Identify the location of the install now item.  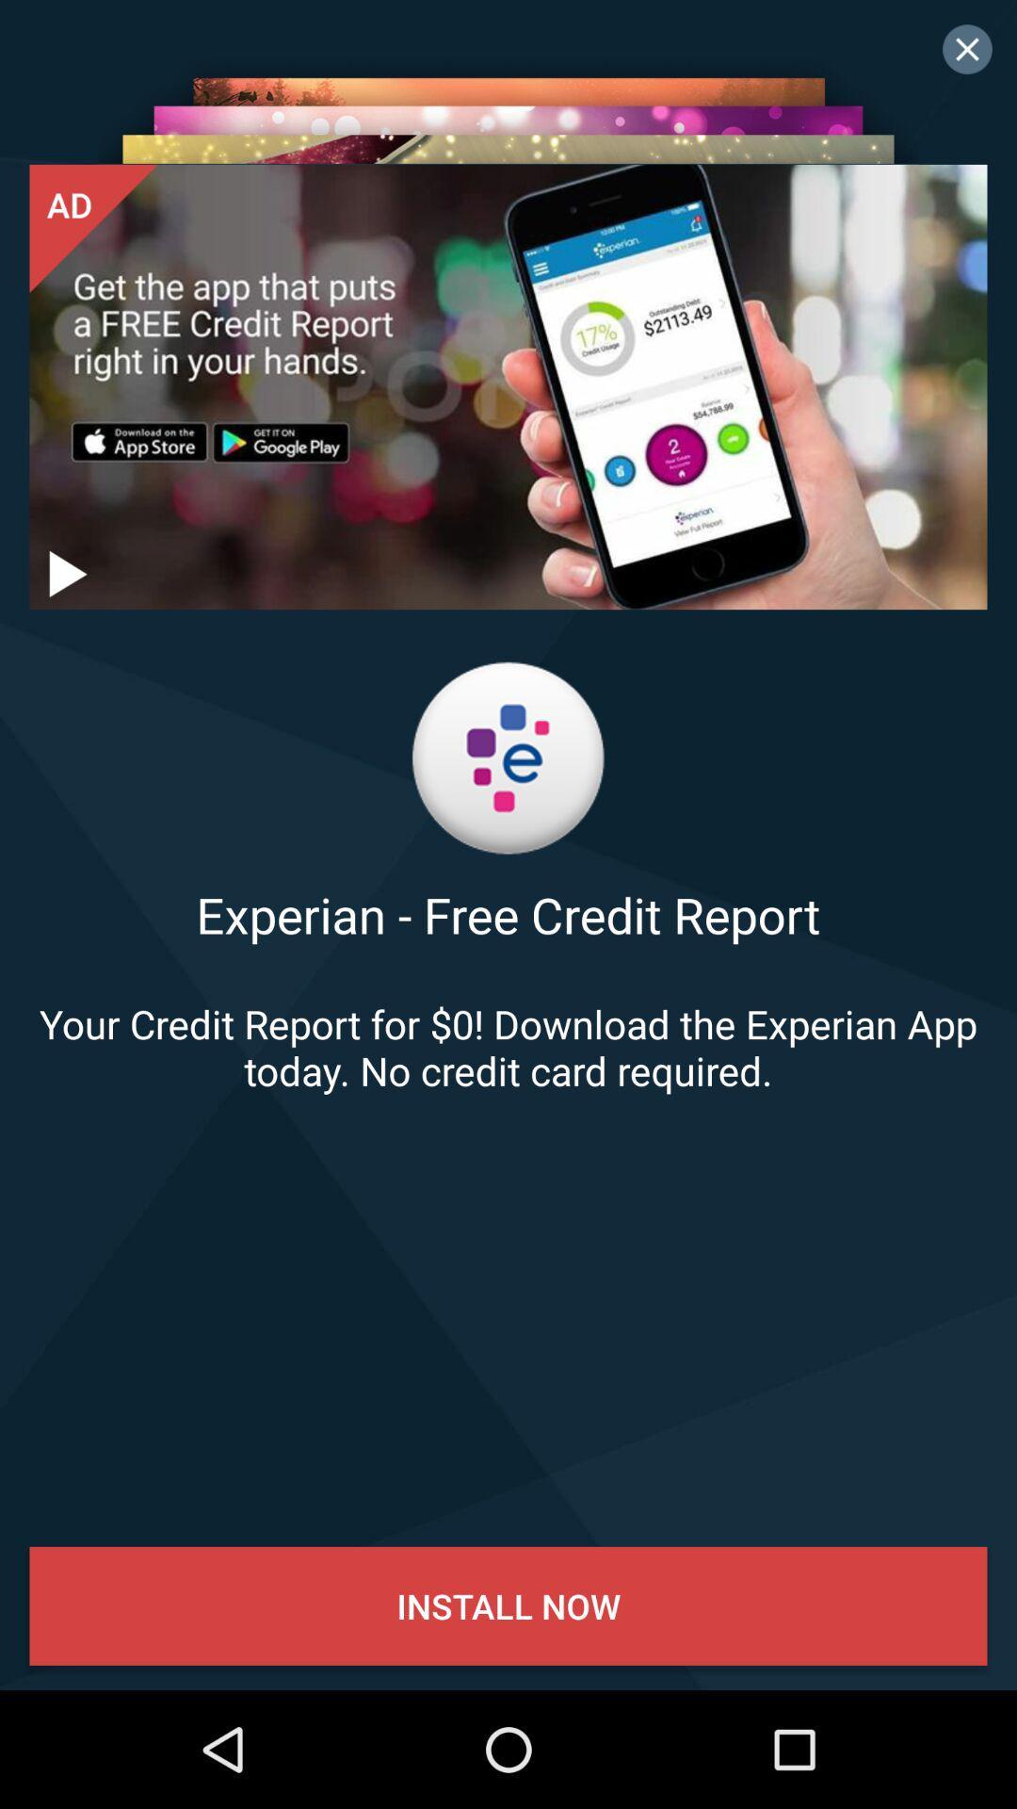
(508, 1605).